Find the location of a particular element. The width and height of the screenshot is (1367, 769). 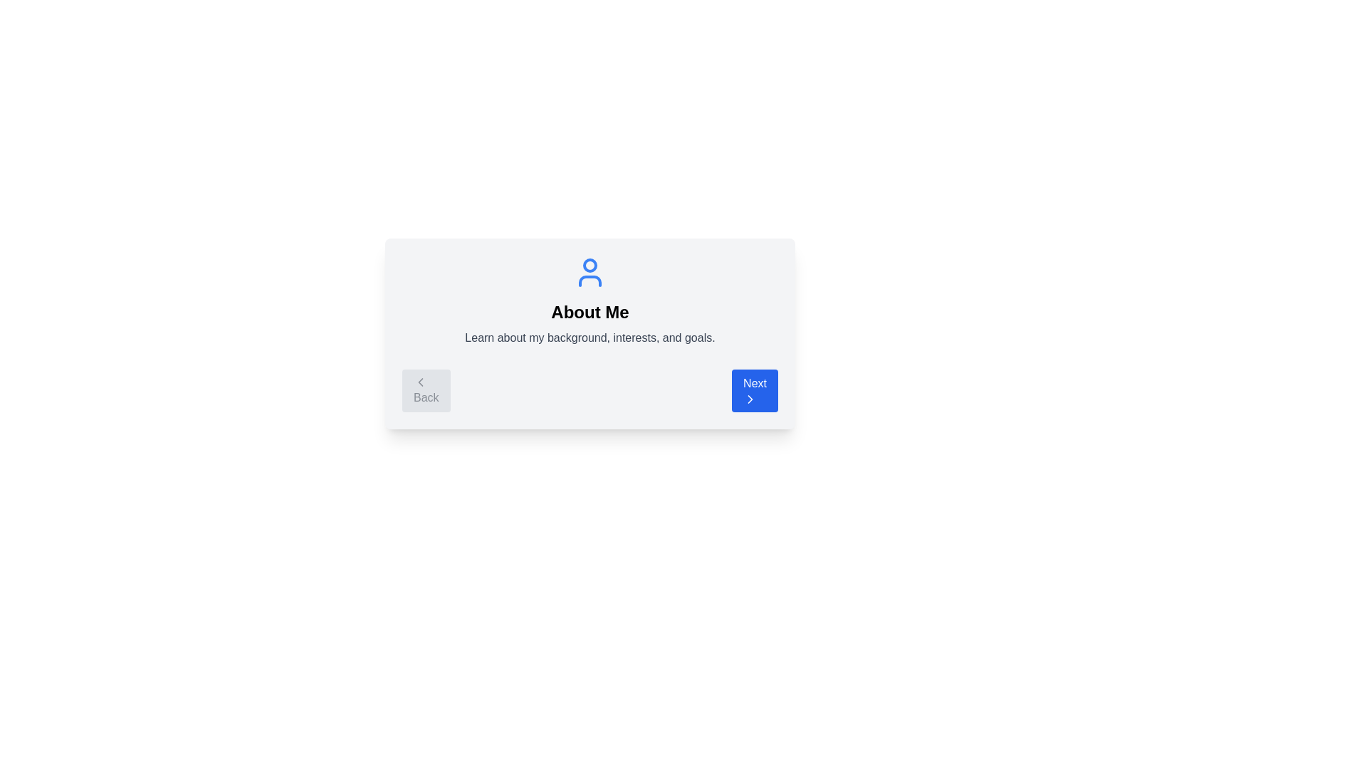

the arrow icon within the 'Next' button located at the upper-right corner of the blue rectangular button in the bottom-right area of the card UI component is located at coordinates (750, 399).